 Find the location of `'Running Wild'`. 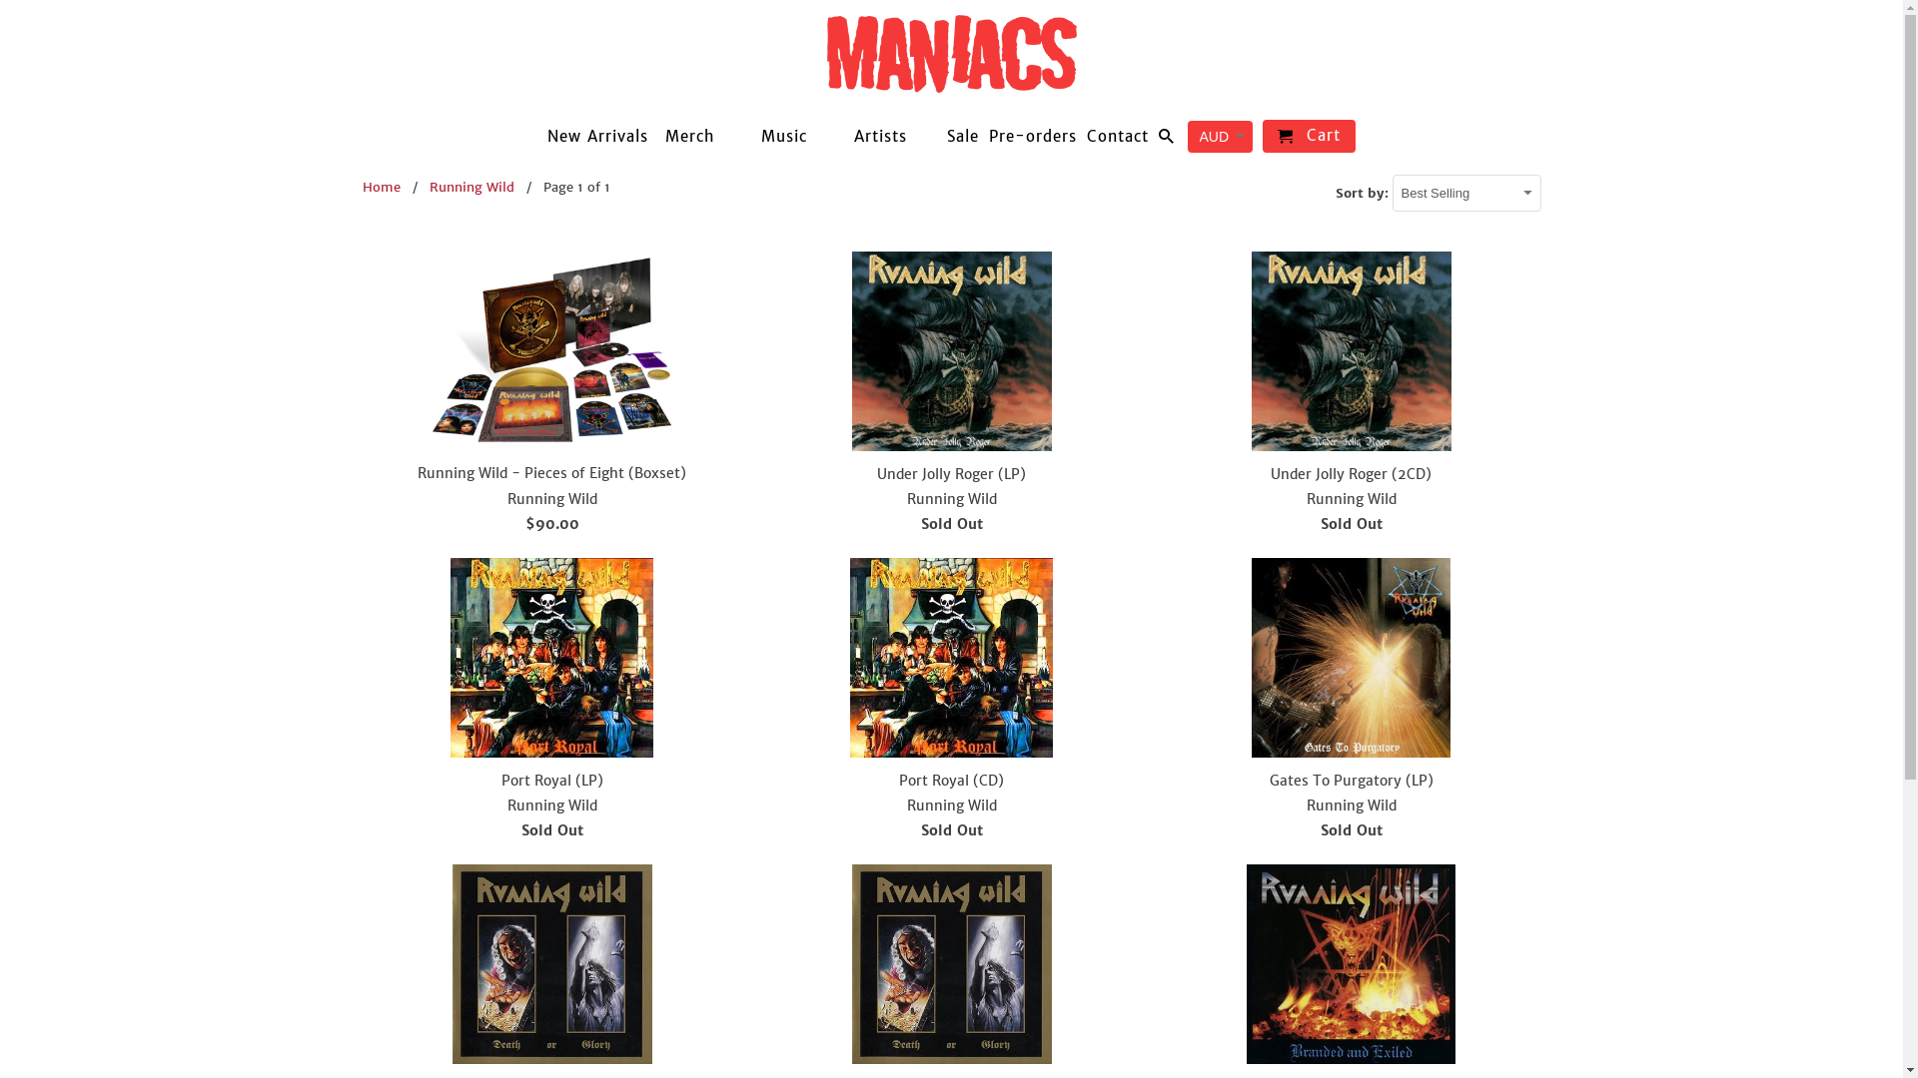

'Running Wild' is located at coordinates (471, 187).